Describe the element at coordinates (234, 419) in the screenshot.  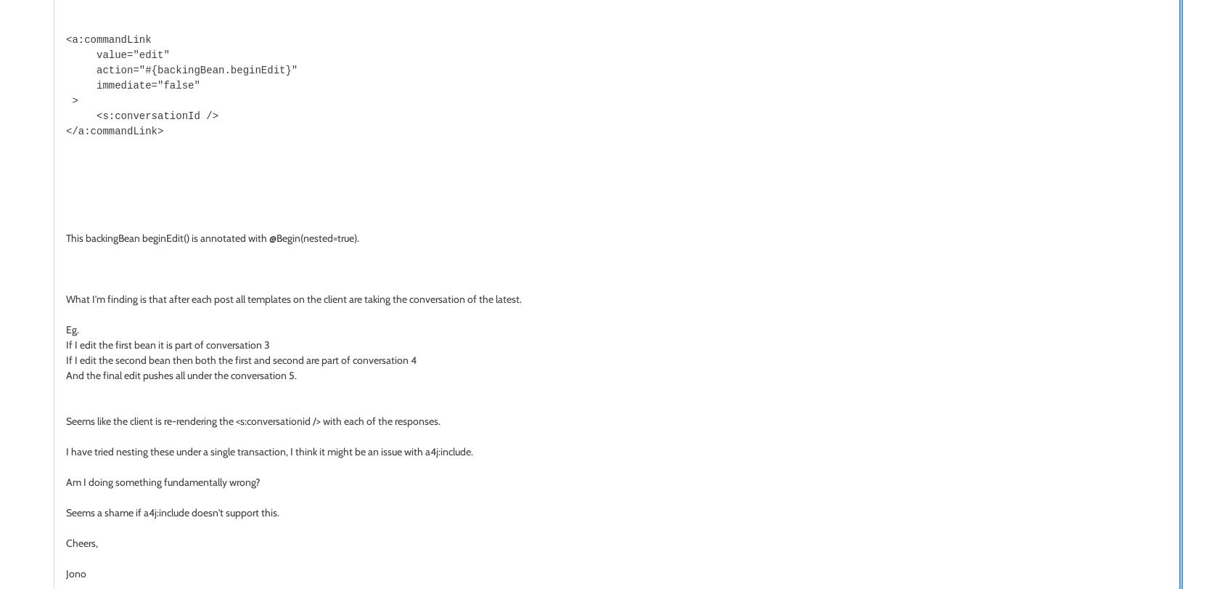
I see `'<s:conversationid />'` at that location.